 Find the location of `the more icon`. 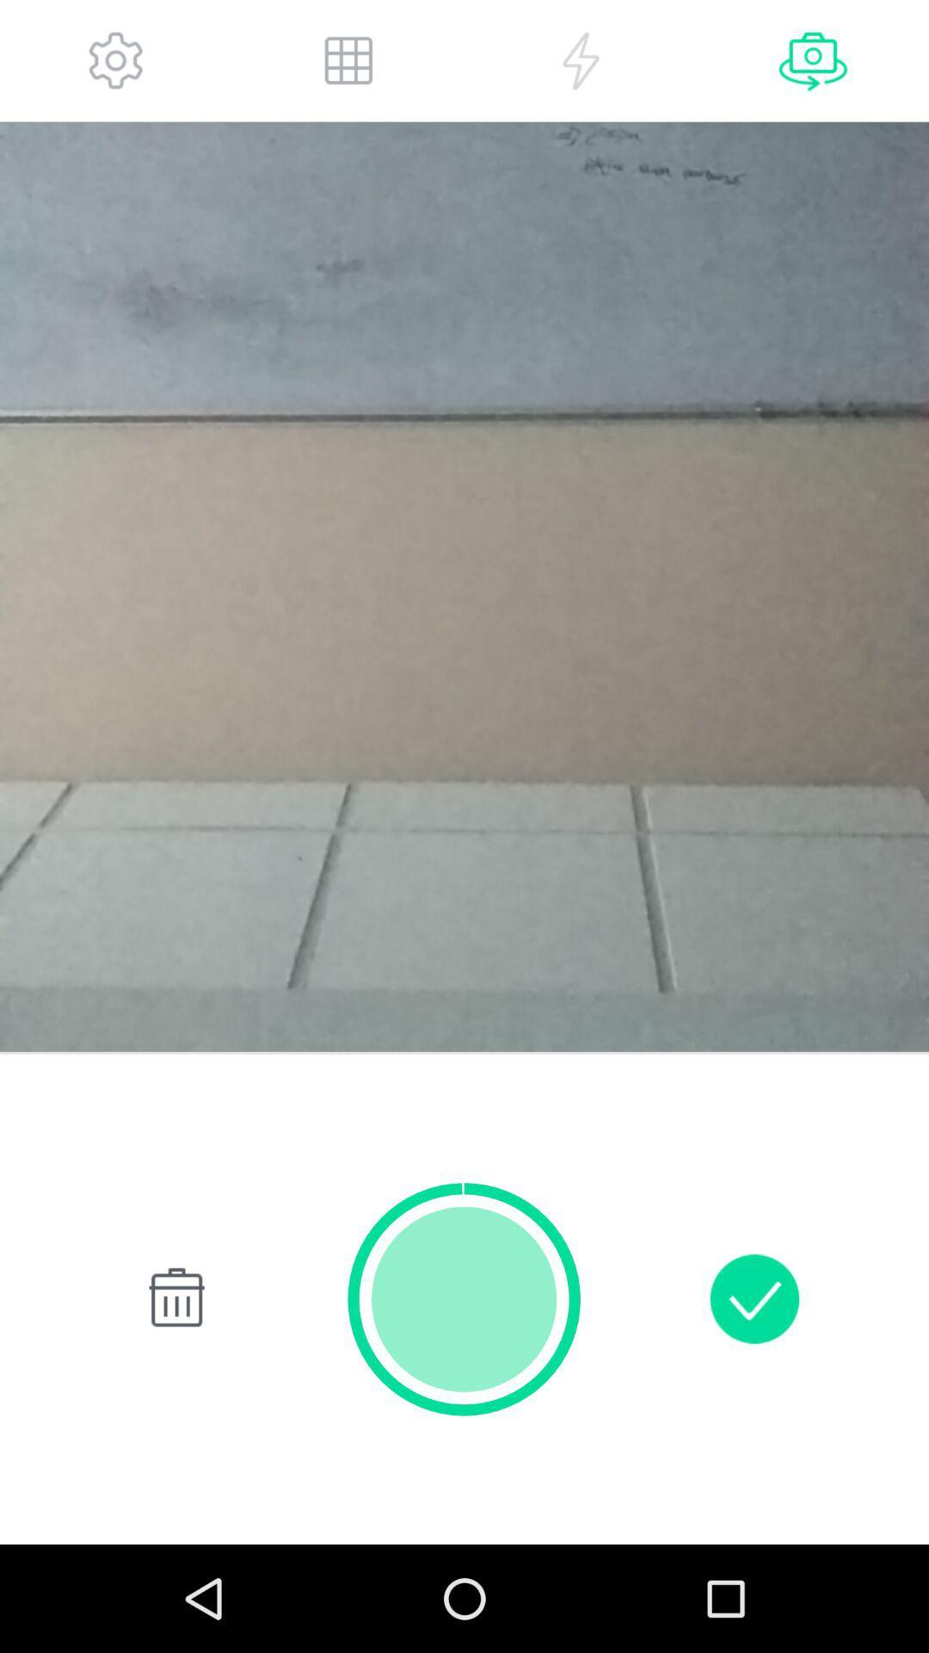

the more icon is located at coordinates (581, 65).